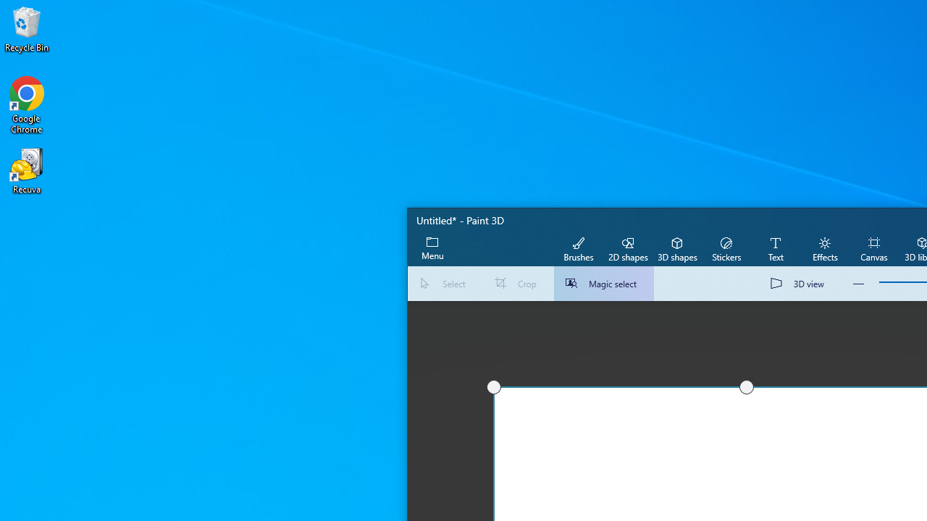  Describe the element at coordinates (824, 247) in the screenshot. I see `'Effects'` at that location.